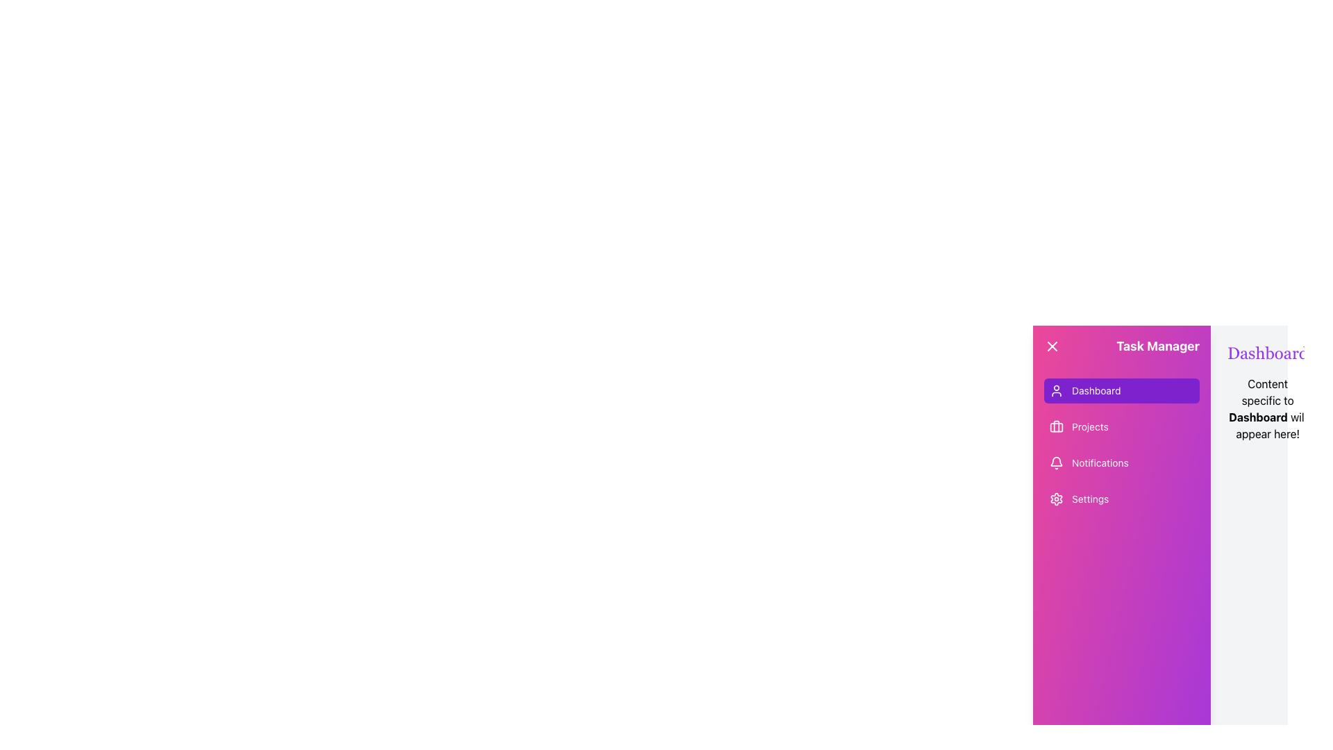 This screenshot has height=750, width=1333. I want to click on the 'Dashboard' text label, so click(1096, 391).